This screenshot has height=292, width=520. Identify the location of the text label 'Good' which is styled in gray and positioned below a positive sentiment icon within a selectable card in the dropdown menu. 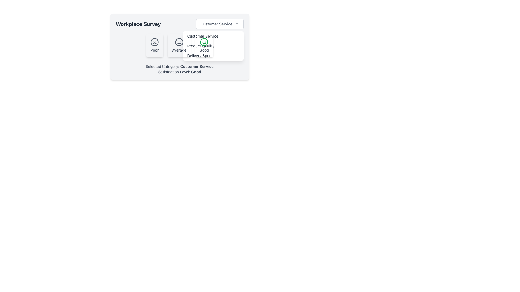
(204, 50).